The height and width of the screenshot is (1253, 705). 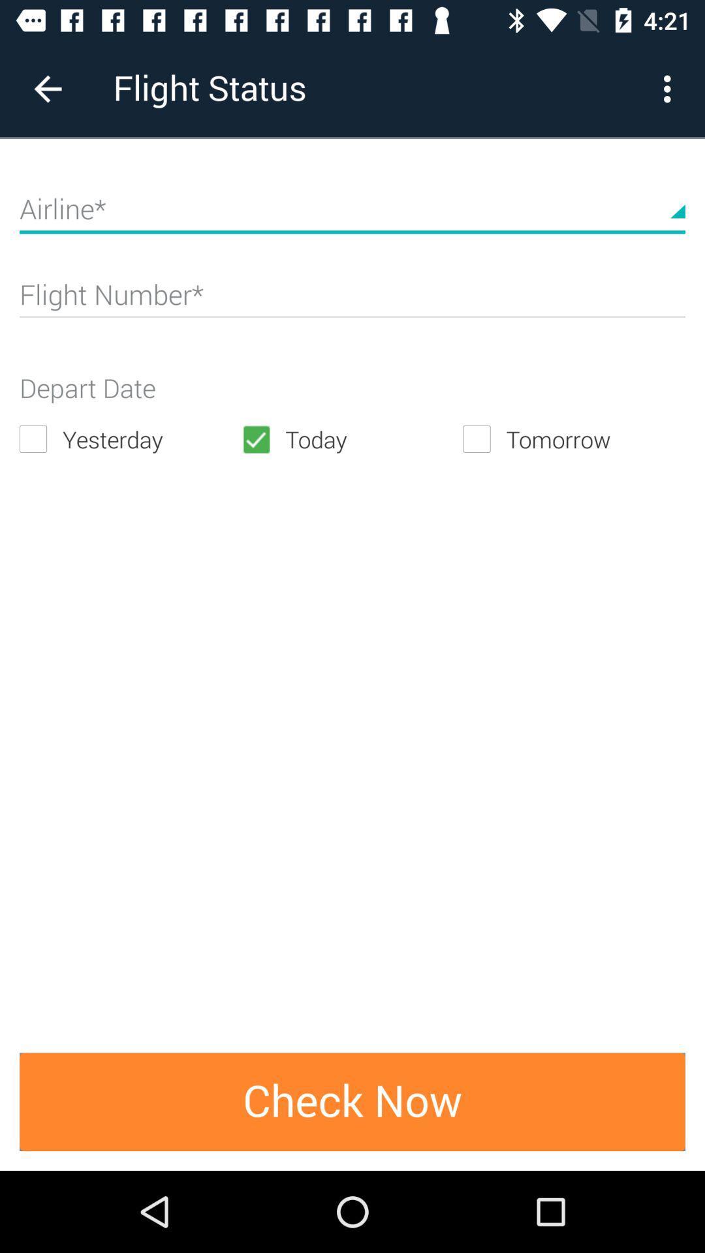 I want to click on the item to the left of the tomorrow icon, so click(x=351, y=439).